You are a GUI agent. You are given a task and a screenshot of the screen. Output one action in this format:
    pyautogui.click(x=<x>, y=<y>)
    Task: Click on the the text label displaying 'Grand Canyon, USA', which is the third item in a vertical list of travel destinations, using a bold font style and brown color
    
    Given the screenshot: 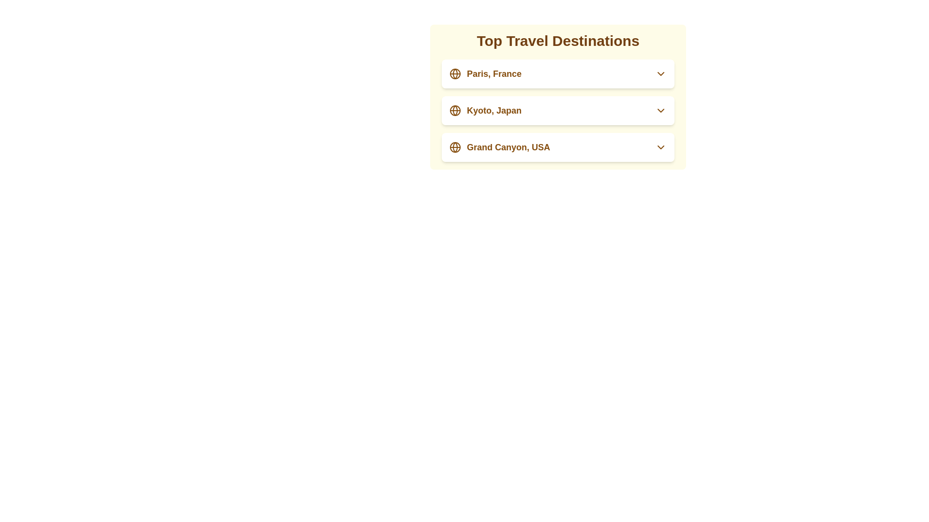 What is the action you would take?
    pyautogui.click(x=508, y=147)
    